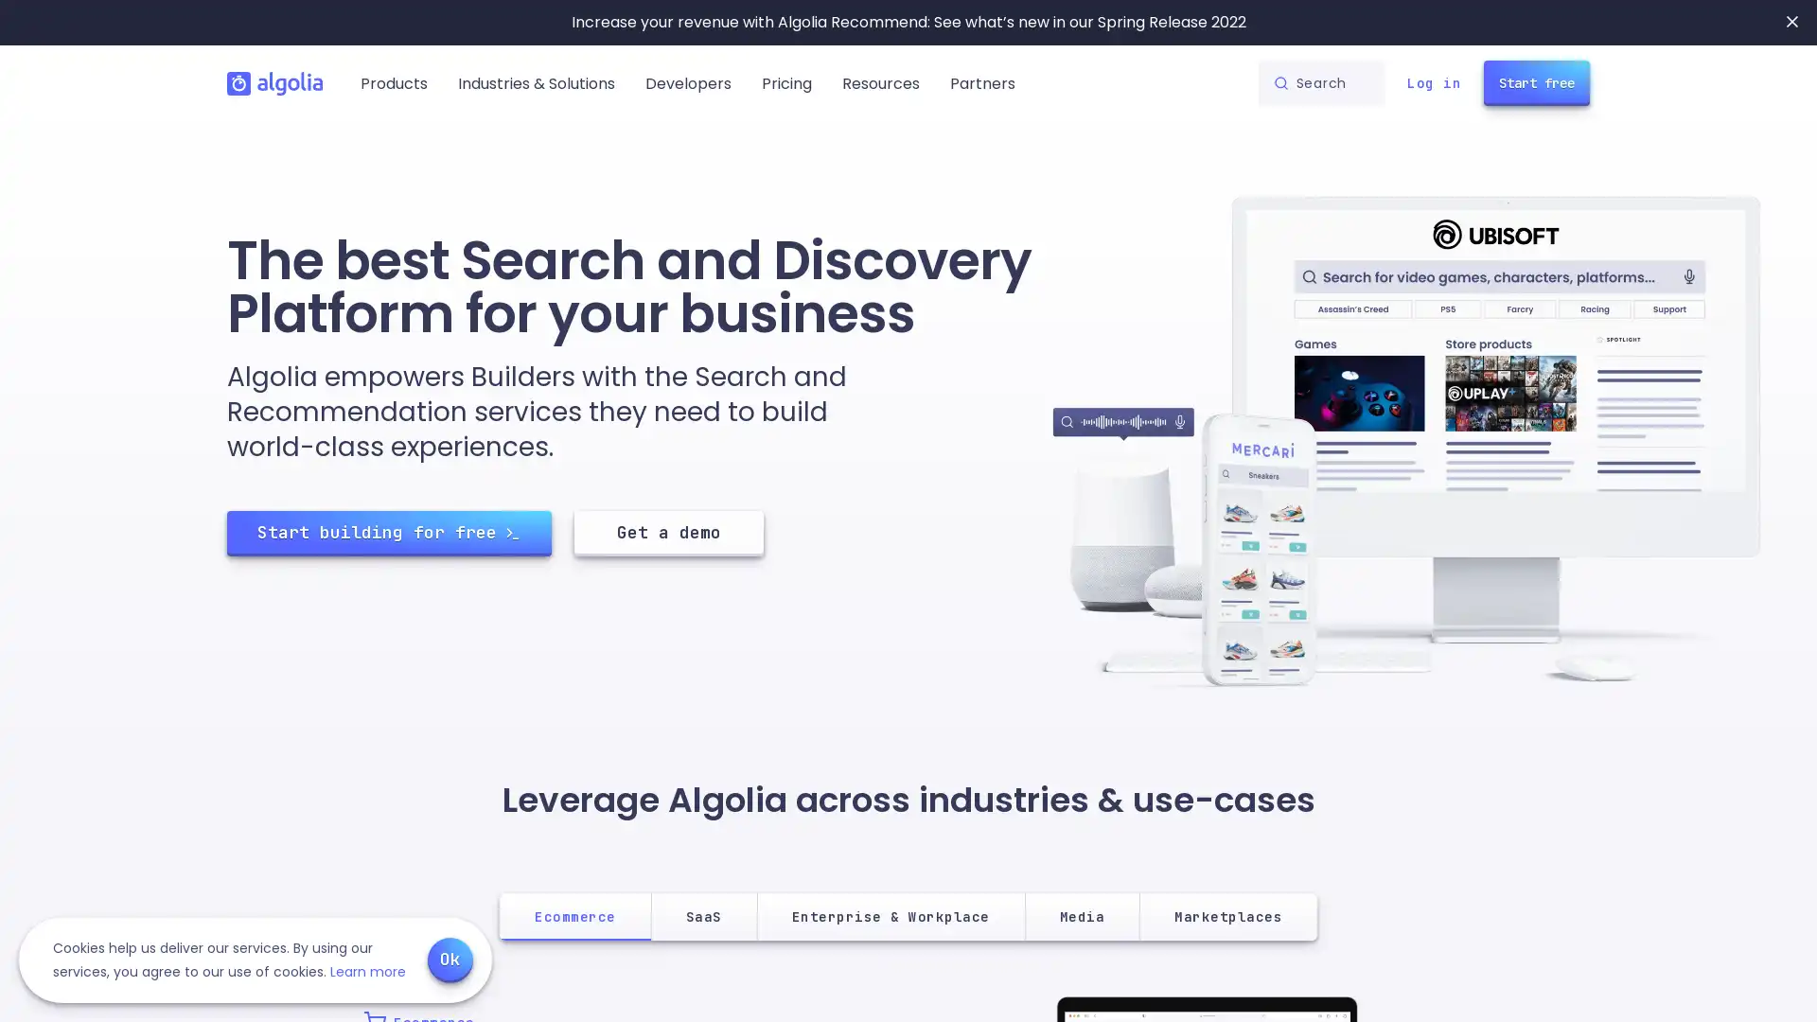  I want to click on Enterprise & Workplace, so click(889, 915).